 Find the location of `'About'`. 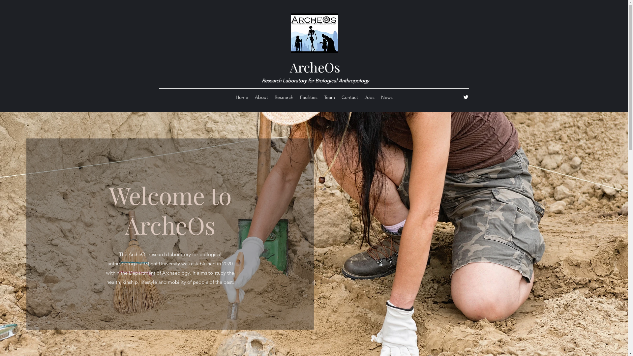

'About' is located at coordinates (261, 97).